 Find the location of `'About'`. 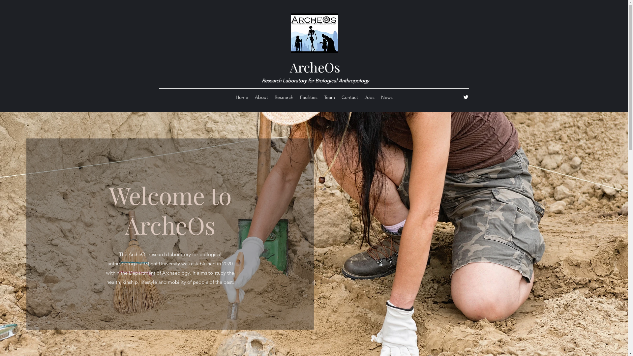

'About' is located at coordinates (261, 97).